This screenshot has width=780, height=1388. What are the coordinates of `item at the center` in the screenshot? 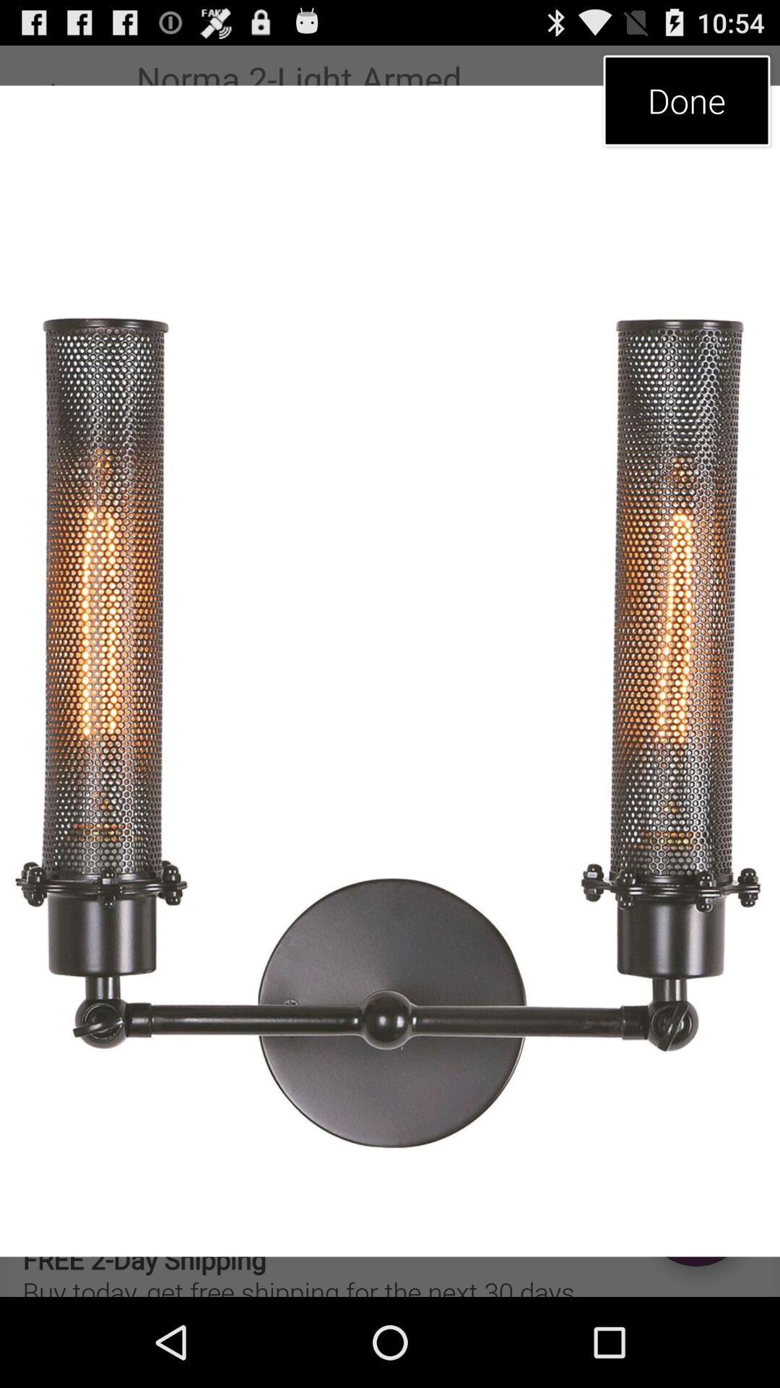 It's located at (390, 670).